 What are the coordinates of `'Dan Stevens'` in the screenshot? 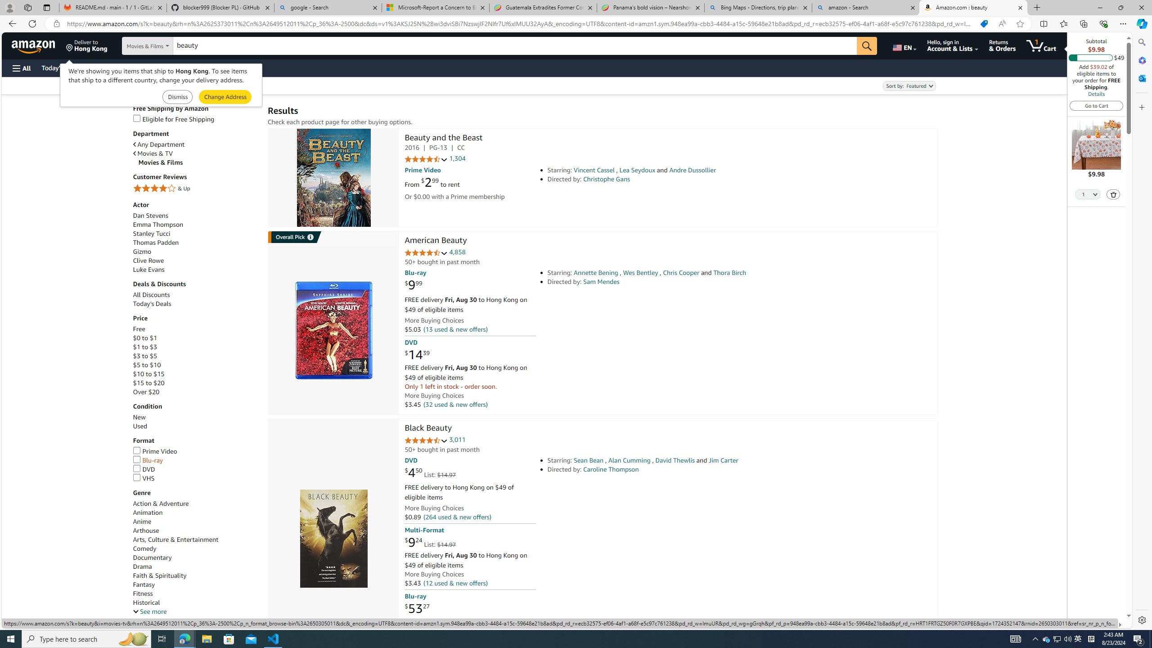 It's located at (196, 215).